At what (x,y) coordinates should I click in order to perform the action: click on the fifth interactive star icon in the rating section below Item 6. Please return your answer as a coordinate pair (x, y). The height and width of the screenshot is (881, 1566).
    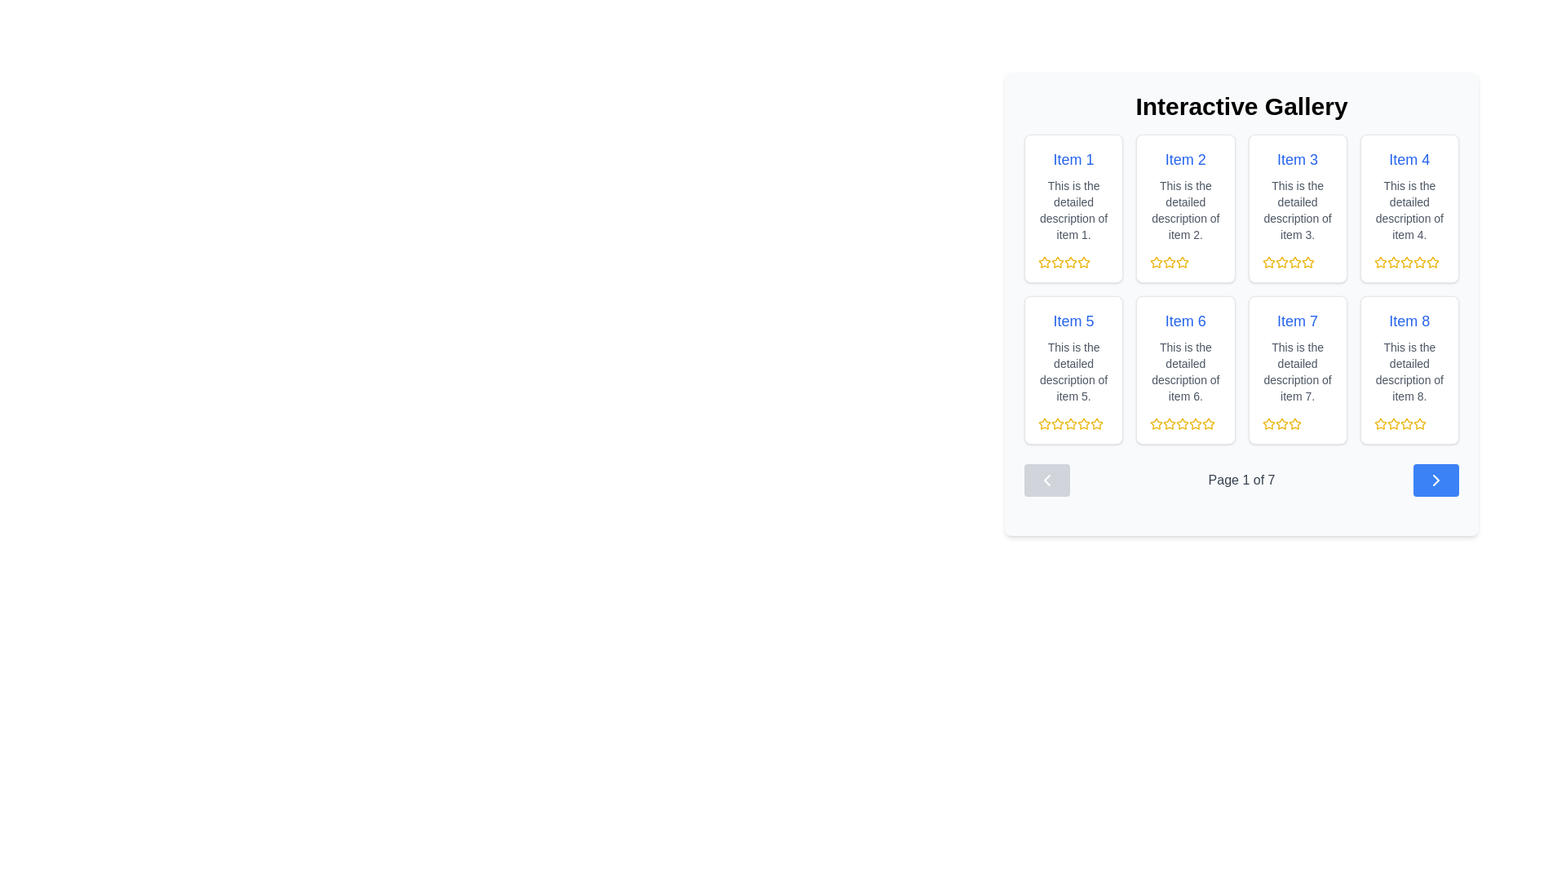
    Looking at the image, I should click on (1196, 423).